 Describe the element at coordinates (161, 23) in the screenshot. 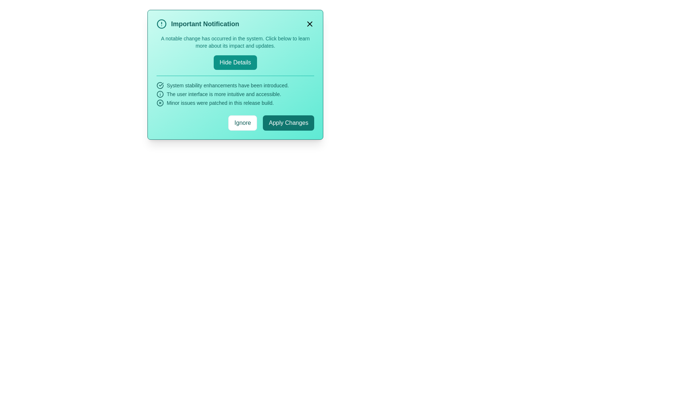

I see `the notification icon, which is a visual indicator for important alerts, positioned to the left of the 'Important Notification' text` at that location.